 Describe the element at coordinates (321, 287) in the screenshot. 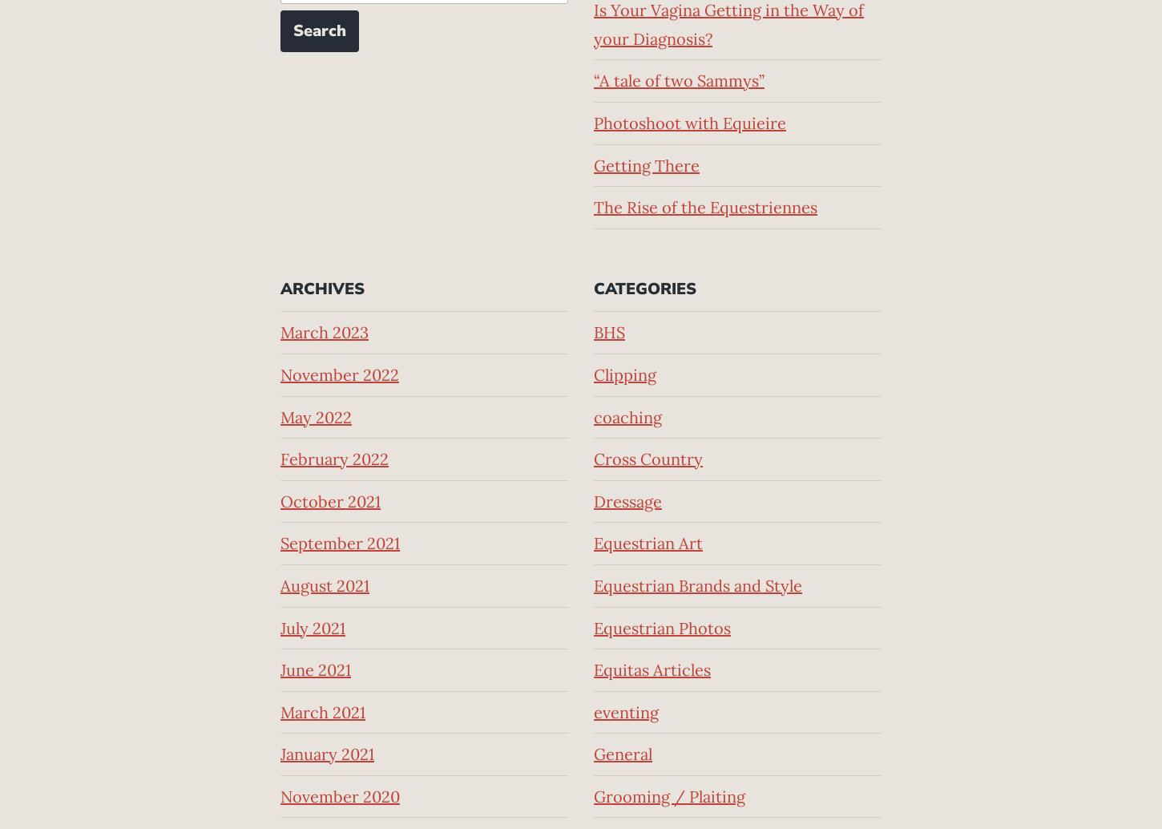

I see `'Archives'` at that location.